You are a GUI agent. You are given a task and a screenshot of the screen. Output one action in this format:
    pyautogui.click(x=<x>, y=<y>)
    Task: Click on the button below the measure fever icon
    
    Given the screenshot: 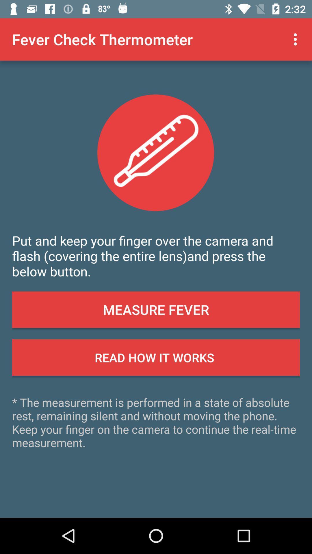 What is the action you would take?
    pyautogui.click(x=156, y=357)
    